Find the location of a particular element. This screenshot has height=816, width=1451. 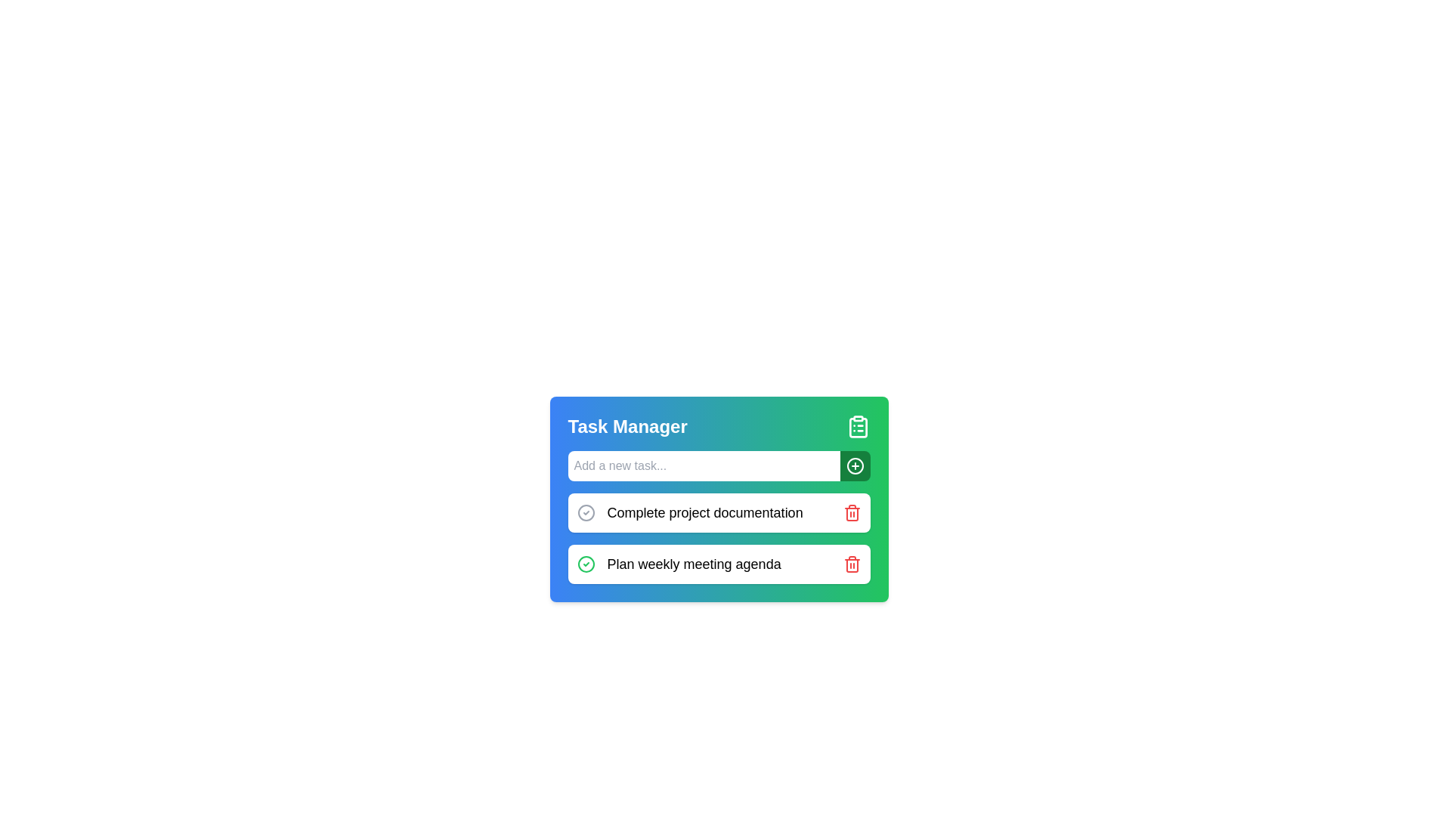

the circular check icon with a hollow center located on the left side of the 'Complete project documentation' task item is located at coordinates (585, 512).